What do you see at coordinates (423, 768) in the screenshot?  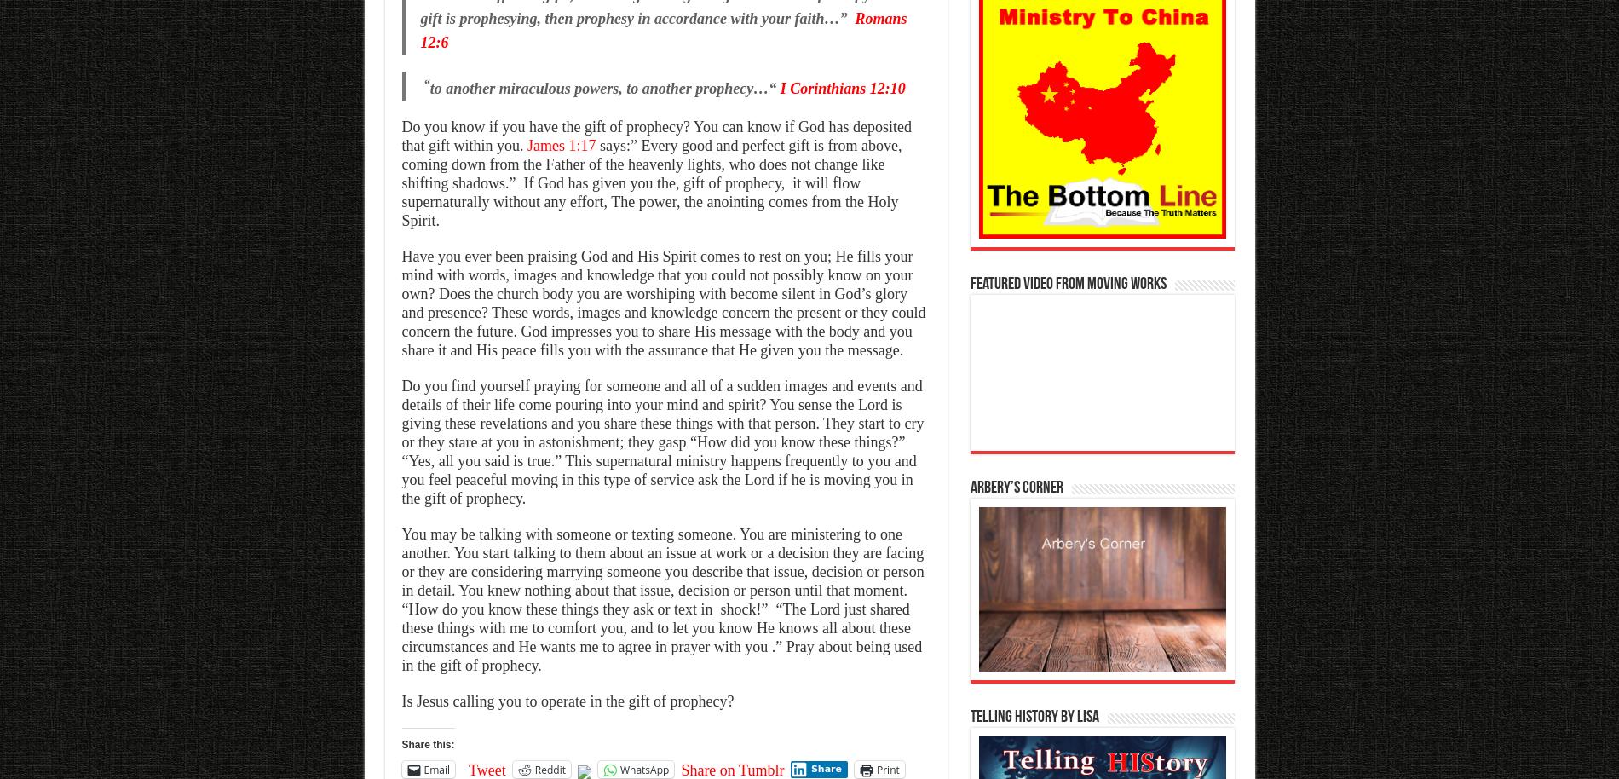 I see `'Email'` at bounding box center [423, 768].